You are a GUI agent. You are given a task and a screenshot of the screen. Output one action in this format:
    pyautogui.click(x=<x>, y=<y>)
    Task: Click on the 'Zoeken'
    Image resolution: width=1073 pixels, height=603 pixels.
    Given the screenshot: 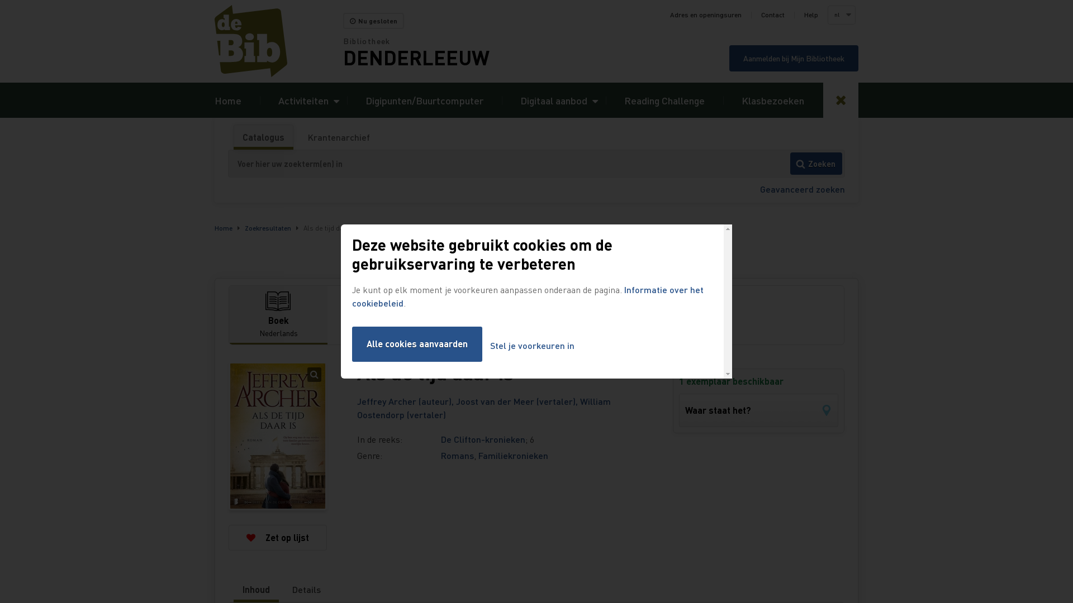 What is the action you would take?
    pyautogui.click(x=816, y=164)
    